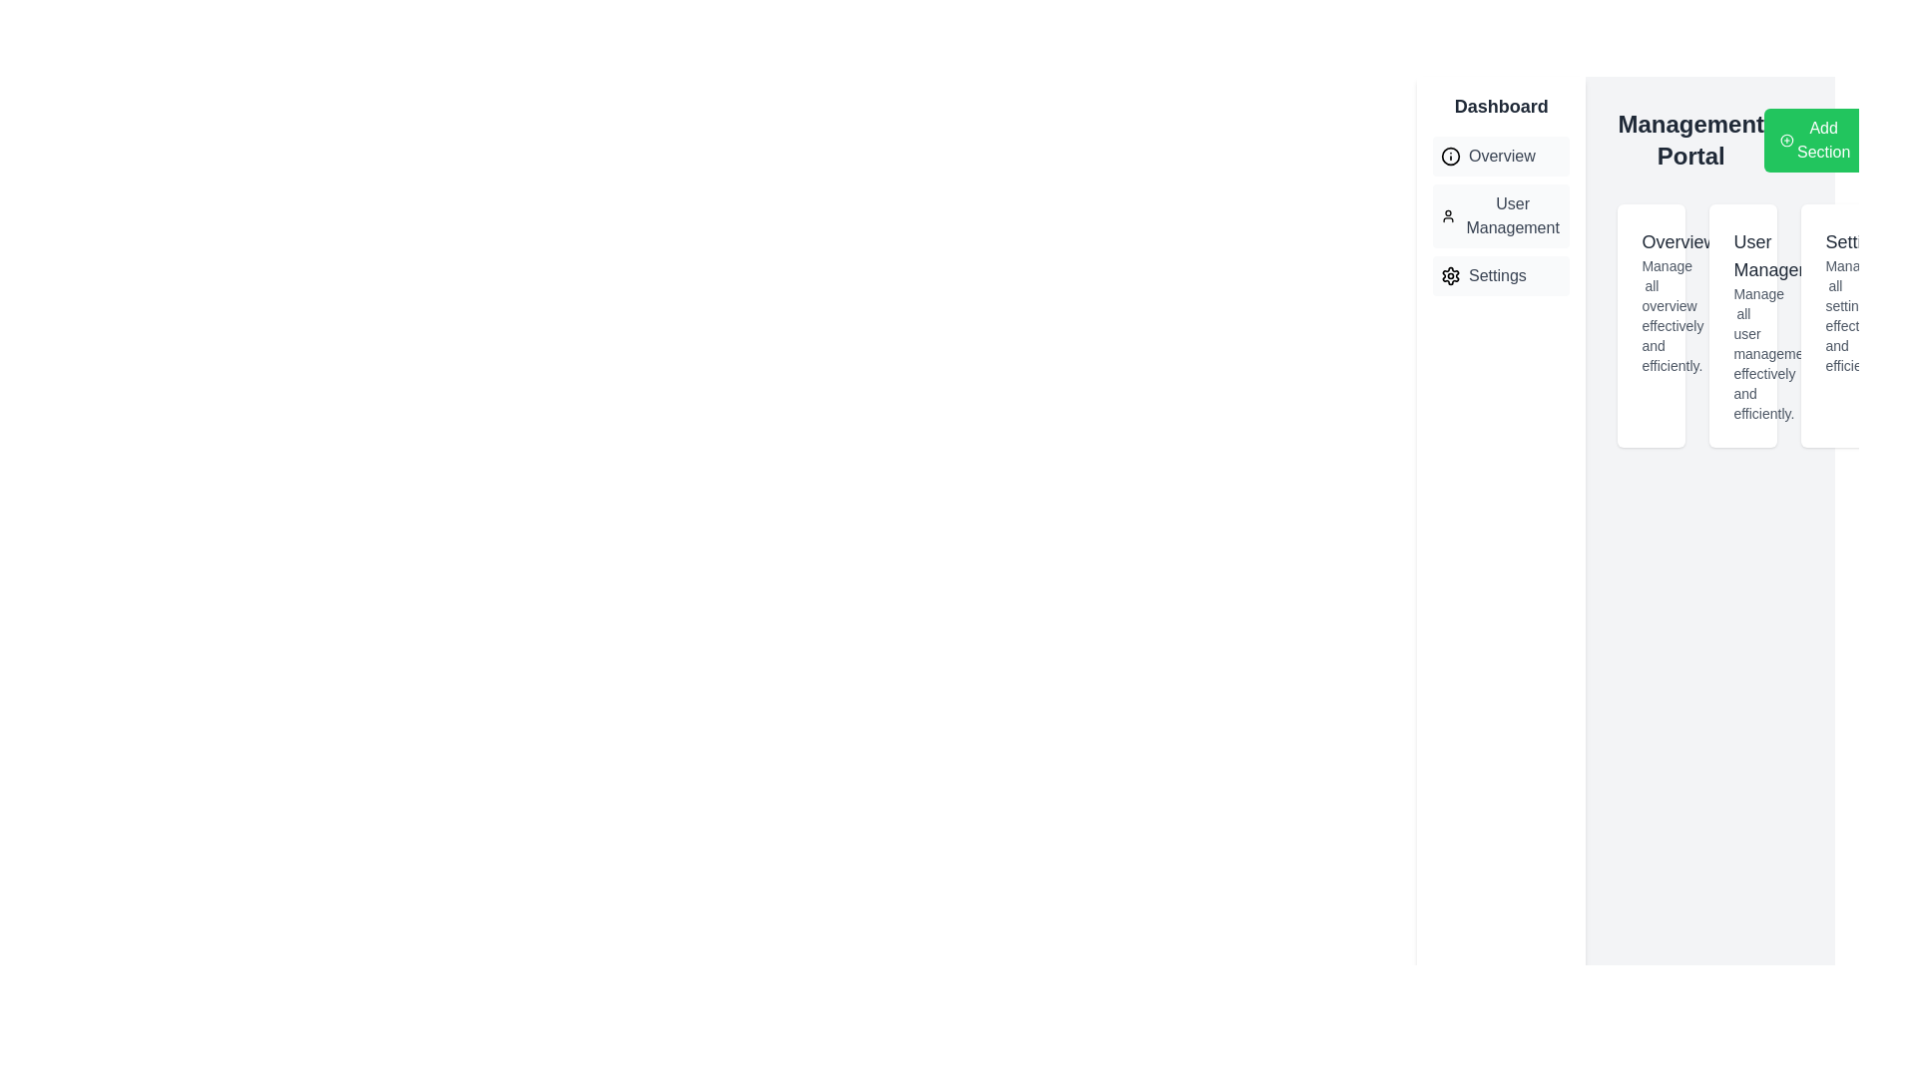  I want to click on the 'Settings' text label, which is dark gray and styled in a sans-serif font, located in the left sidebar of the interface, so click(1497, 276).